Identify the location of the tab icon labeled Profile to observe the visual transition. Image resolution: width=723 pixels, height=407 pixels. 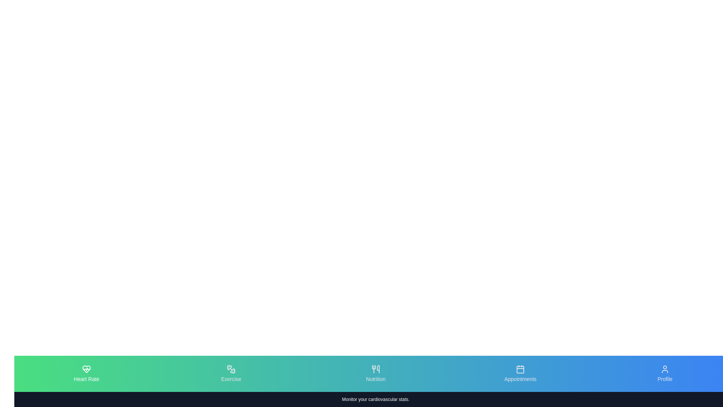
(665, 373).